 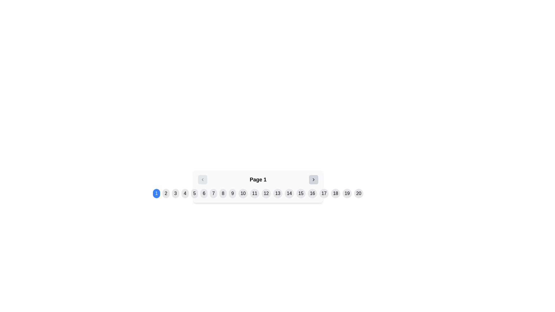 I want to click on the pagination button labeled '11' to provide interactive feedback, so click(x=258, y=194).